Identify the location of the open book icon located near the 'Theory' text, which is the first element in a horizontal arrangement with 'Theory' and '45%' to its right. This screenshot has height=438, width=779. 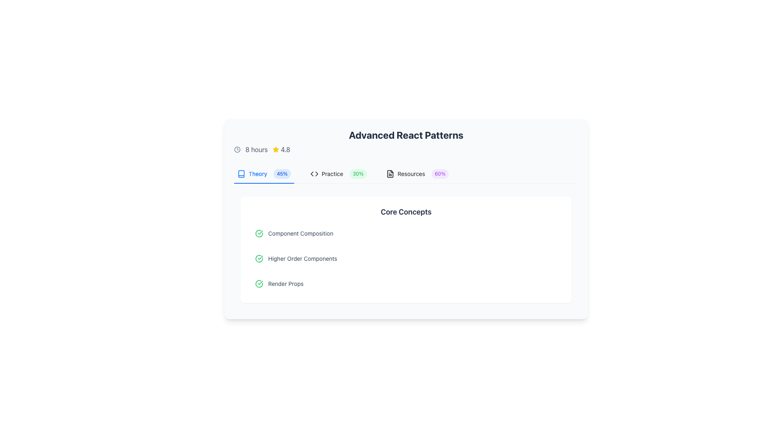
(241, 173).